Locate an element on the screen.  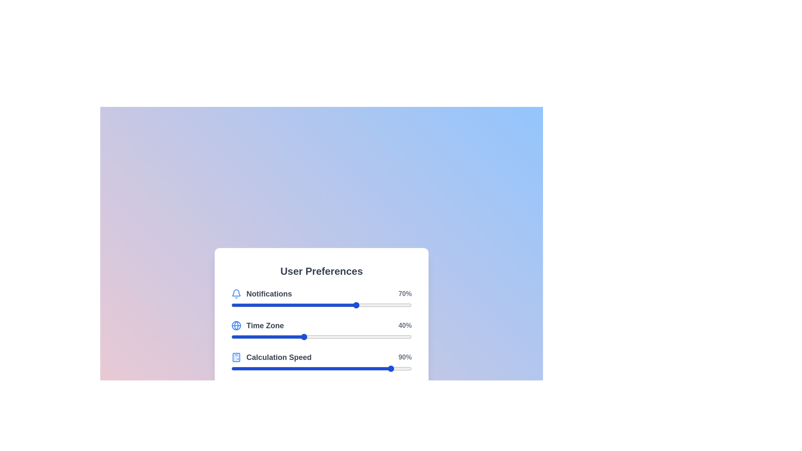
the 'Time Zone' slider to 1% by dragging the slider to the corresponding position is located at coordinates (233, 336).